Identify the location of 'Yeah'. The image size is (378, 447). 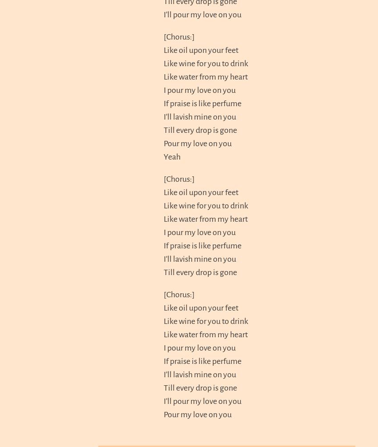
(172, 156).